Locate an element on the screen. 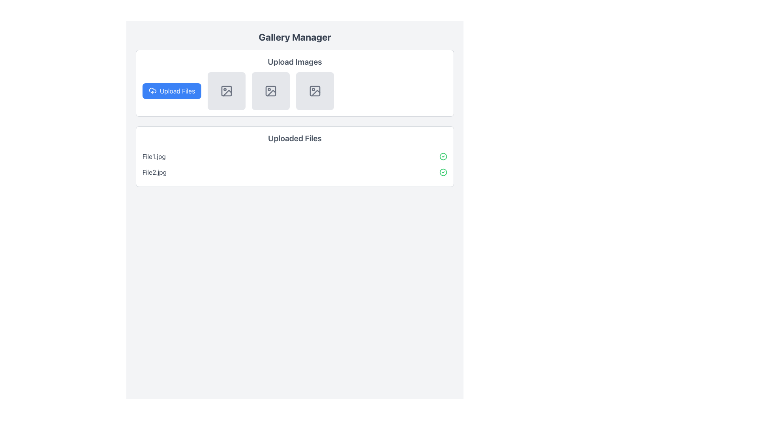 This screenshot has width=758, height=426. the file entry 'File1.jpg' is located at coordinates (295, 157).